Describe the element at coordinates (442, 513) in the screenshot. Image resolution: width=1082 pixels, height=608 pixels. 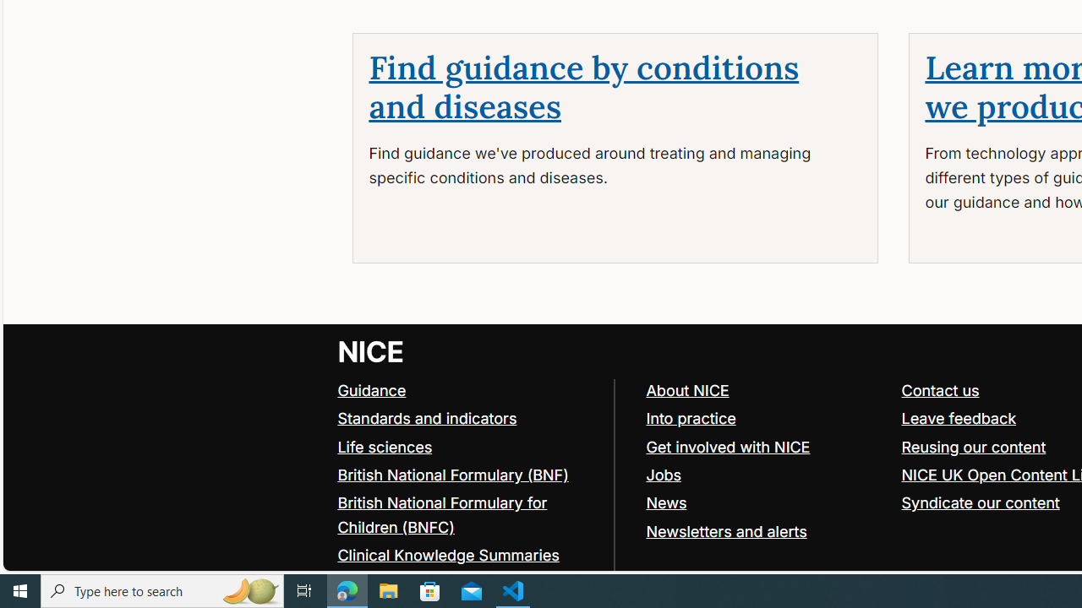
I see `'British National Formulary for Children (BNFC)'` at that location.